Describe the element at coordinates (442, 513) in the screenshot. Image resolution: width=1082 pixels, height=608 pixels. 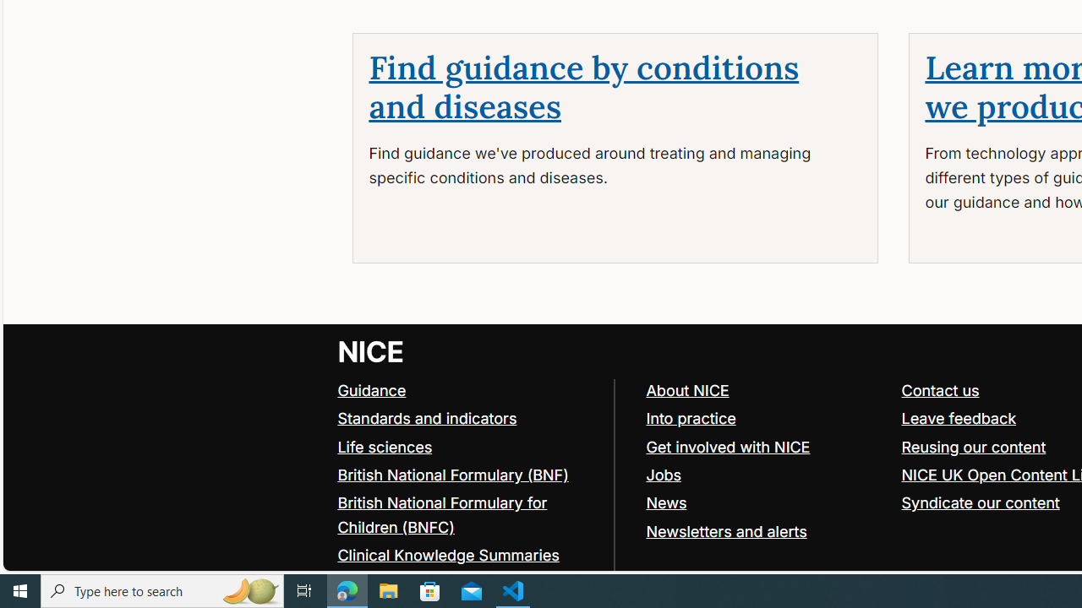
I see `'British National Formulary for Children (BNFC)'` at that location.